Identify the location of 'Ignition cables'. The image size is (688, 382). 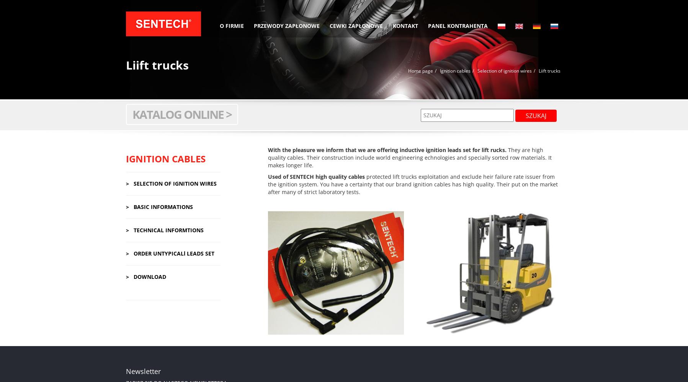
(454, 70).